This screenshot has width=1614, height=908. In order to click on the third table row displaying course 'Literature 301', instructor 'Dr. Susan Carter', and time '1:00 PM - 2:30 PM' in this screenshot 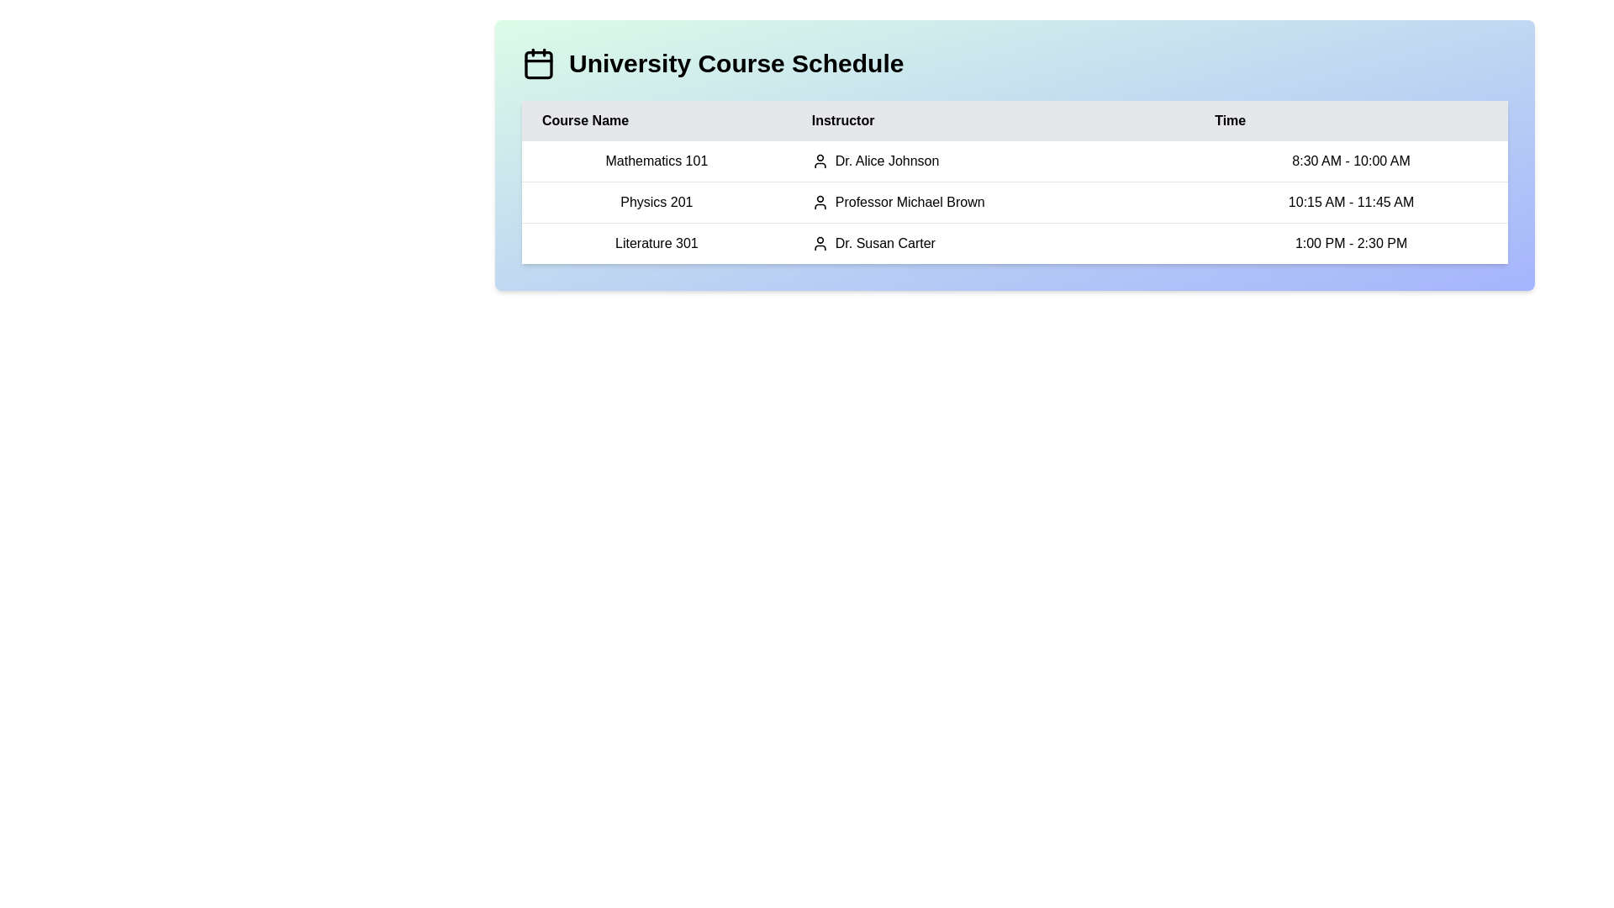, I will do `click(1014, 243)`.